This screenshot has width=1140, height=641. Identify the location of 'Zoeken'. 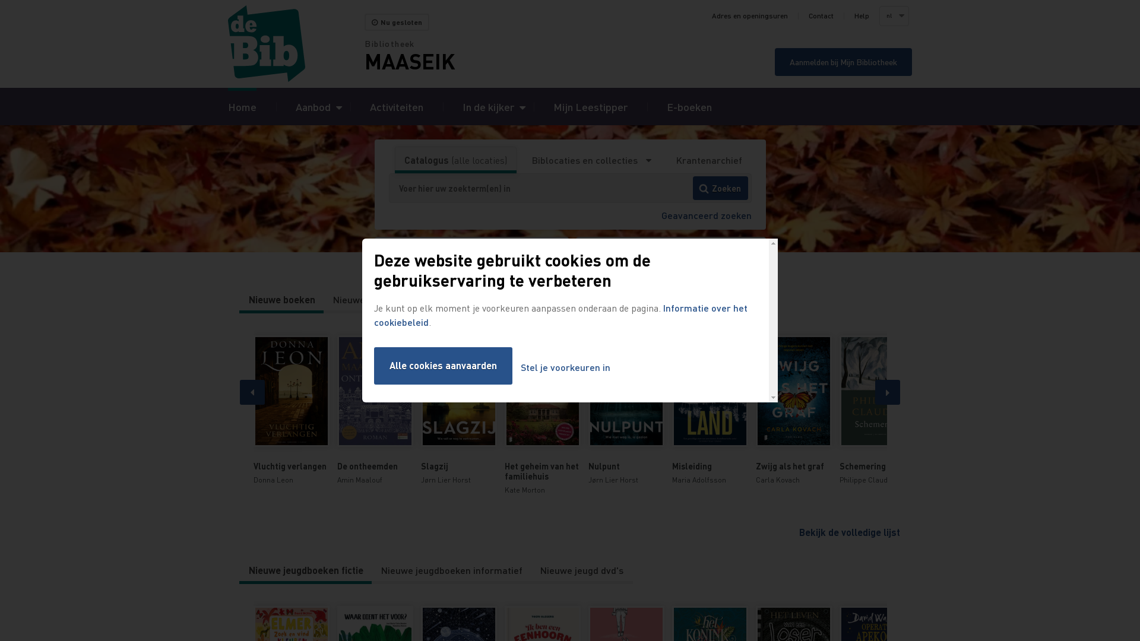
(720, 187).